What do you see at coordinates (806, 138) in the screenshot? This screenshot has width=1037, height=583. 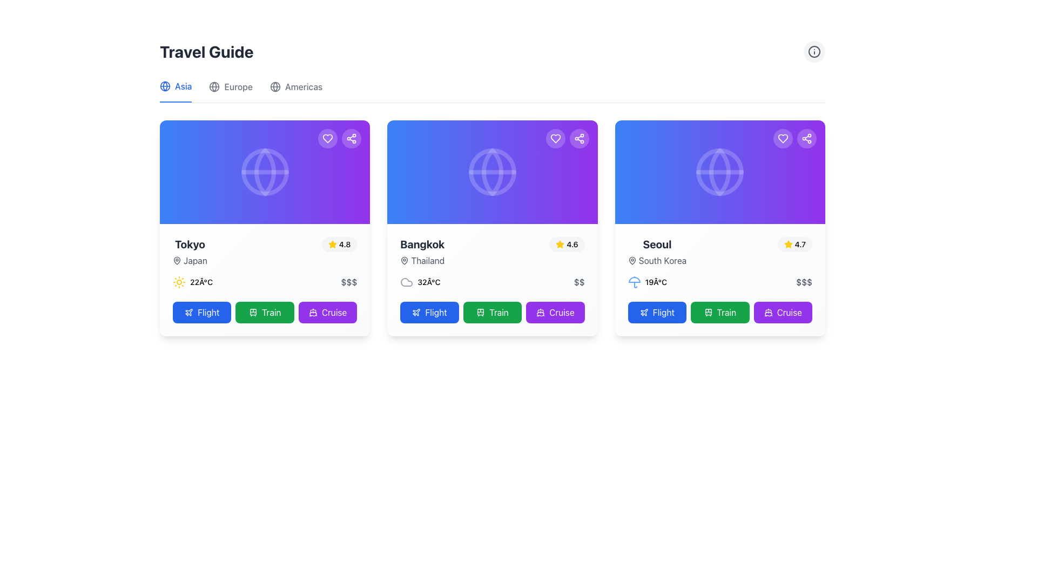 I see `the share button located in the top-right corner of the 'Seoul' card` at bounding box center [806, 138].